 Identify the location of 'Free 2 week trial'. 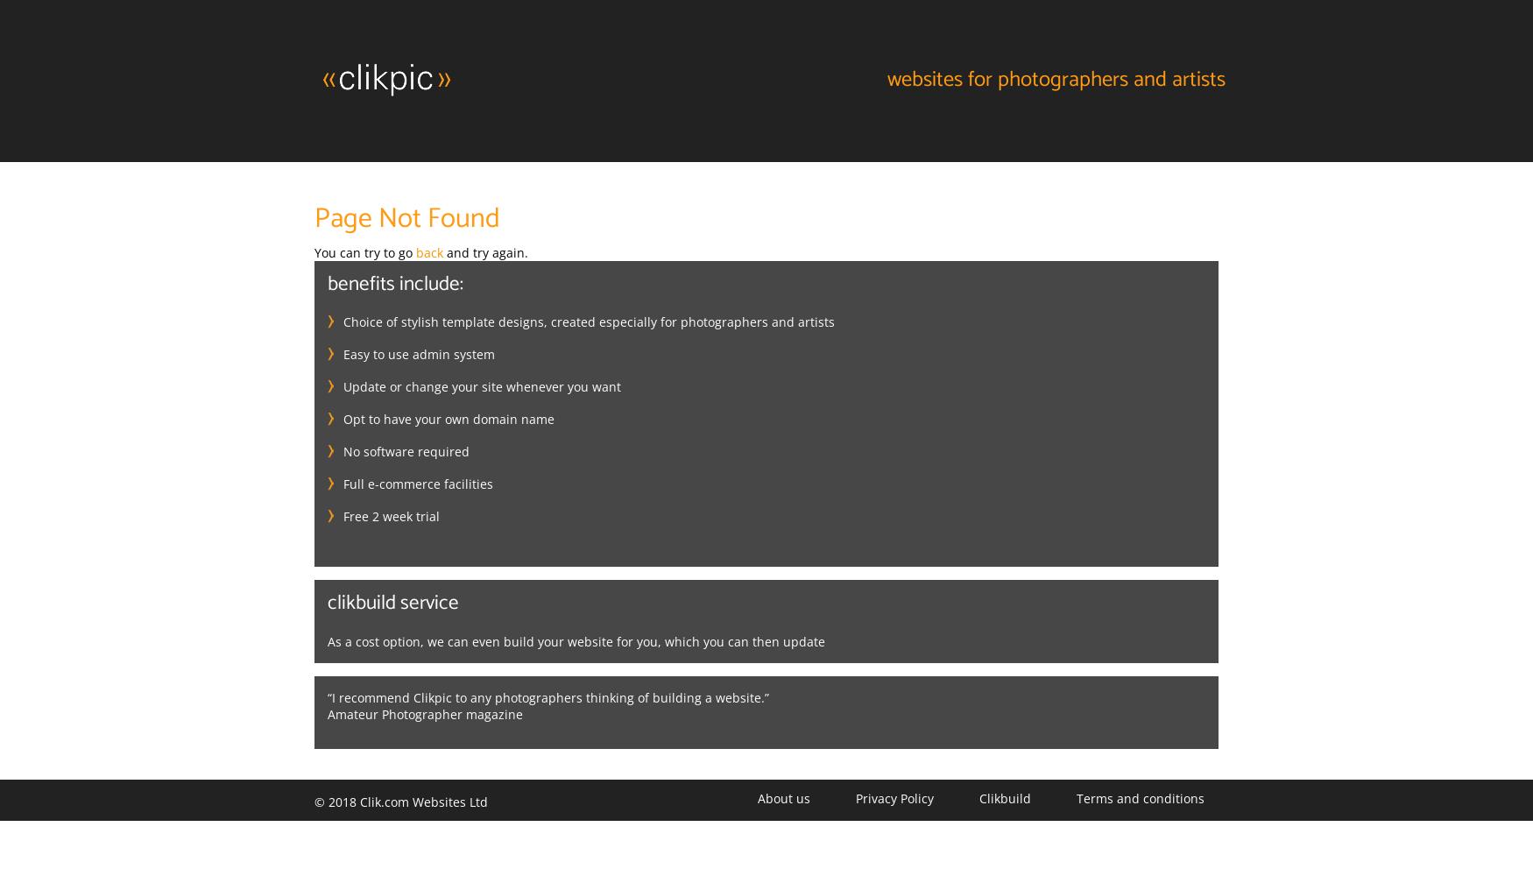
(391, 514).